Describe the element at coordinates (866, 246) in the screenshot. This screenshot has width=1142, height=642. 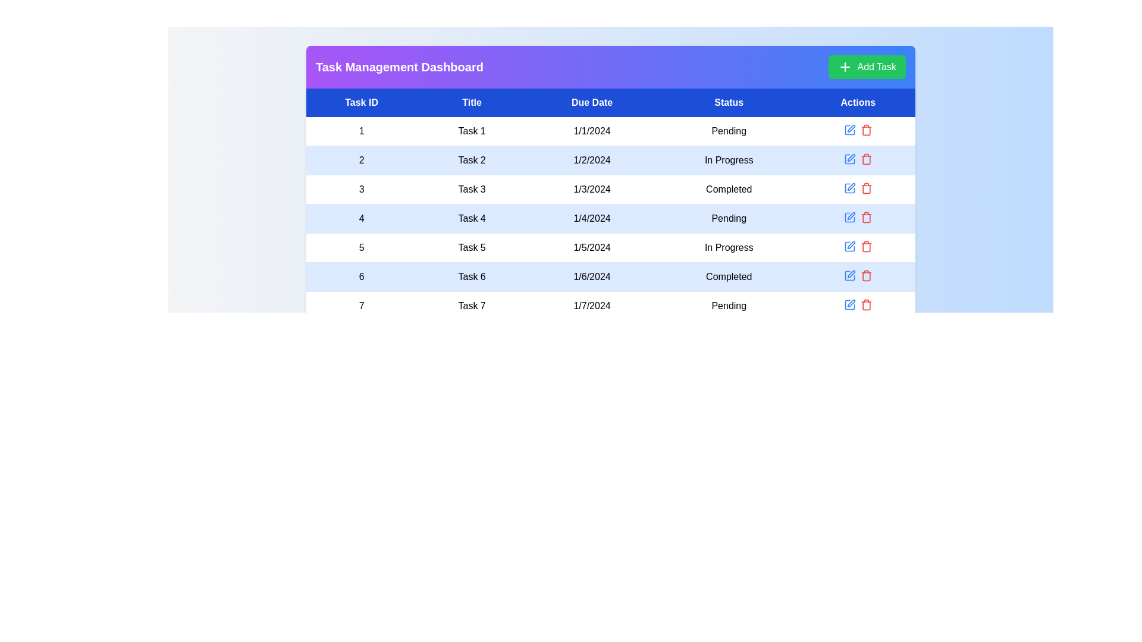
I see `delete icon for the task with ID 5` at that location.